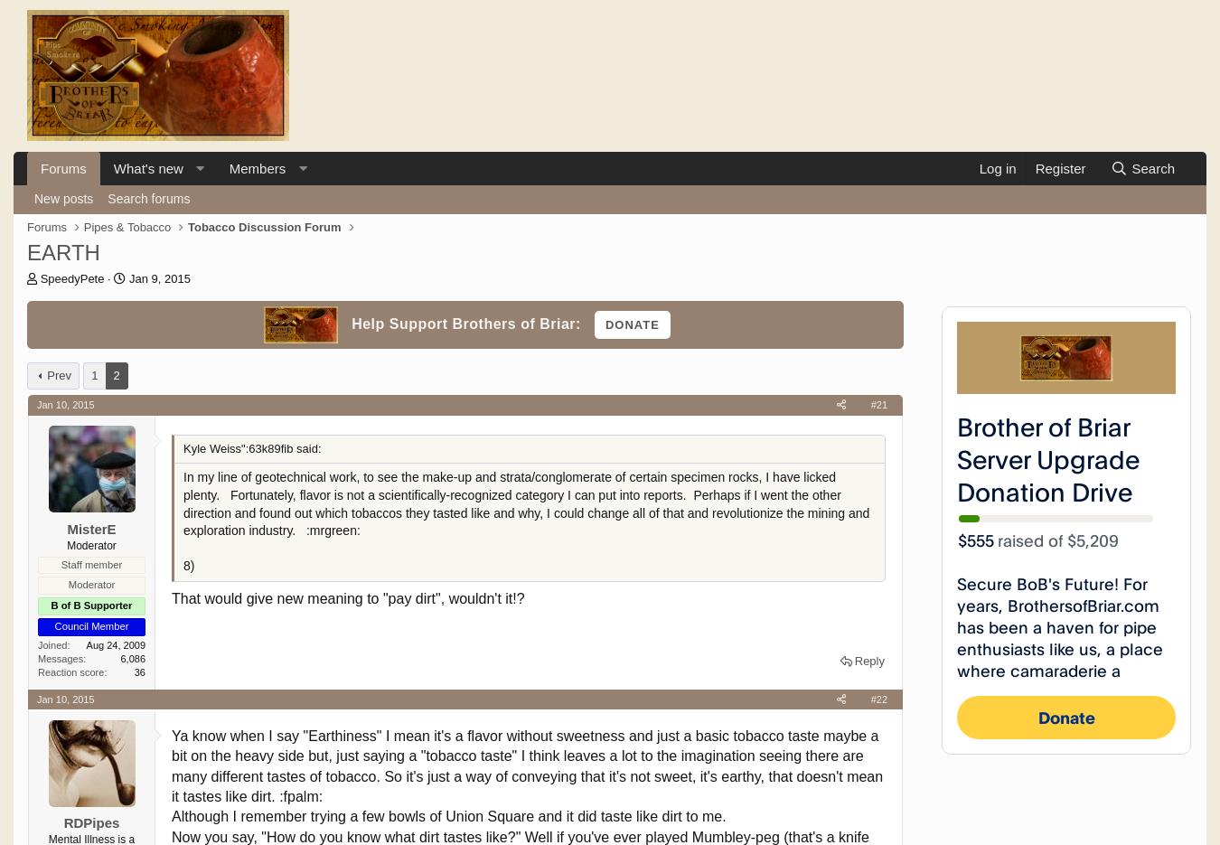 Image resolution: width=1220 pixels, height=845 pixels. I want to click on 'Kyle Weiss":63k89fib said:', so click(251, 448).